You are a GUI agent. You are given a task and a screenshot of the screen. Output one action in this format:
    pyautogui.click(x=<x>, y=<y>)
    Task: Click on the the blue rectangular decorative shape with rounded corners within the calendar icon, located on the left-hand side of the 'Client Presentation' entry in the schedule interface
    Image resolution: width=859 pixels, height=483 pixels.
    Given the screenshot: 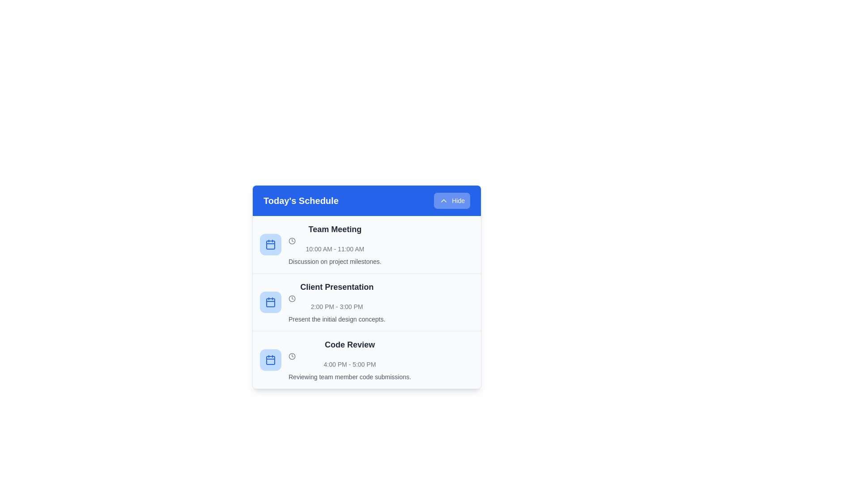 What is the action you would take?
    pyautogui.click(x=270, y=302)
    